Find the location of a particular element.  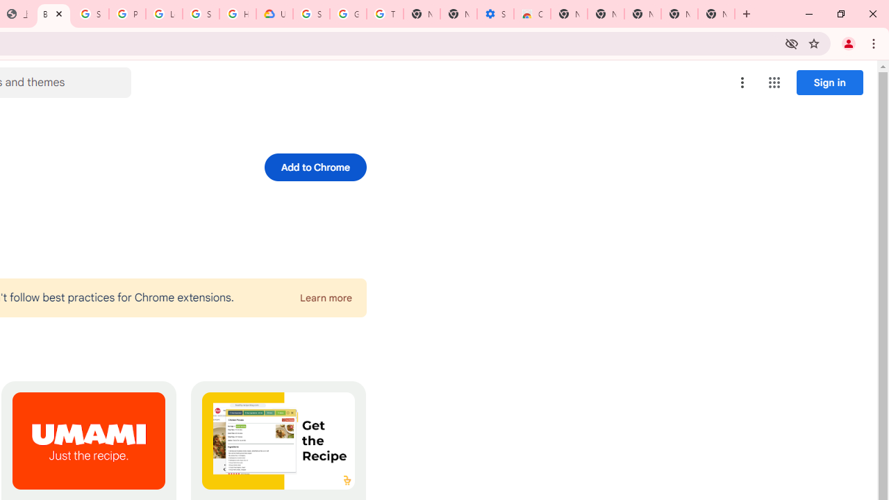

'Settings - Accessibility' is located at coordinates (495, 14).